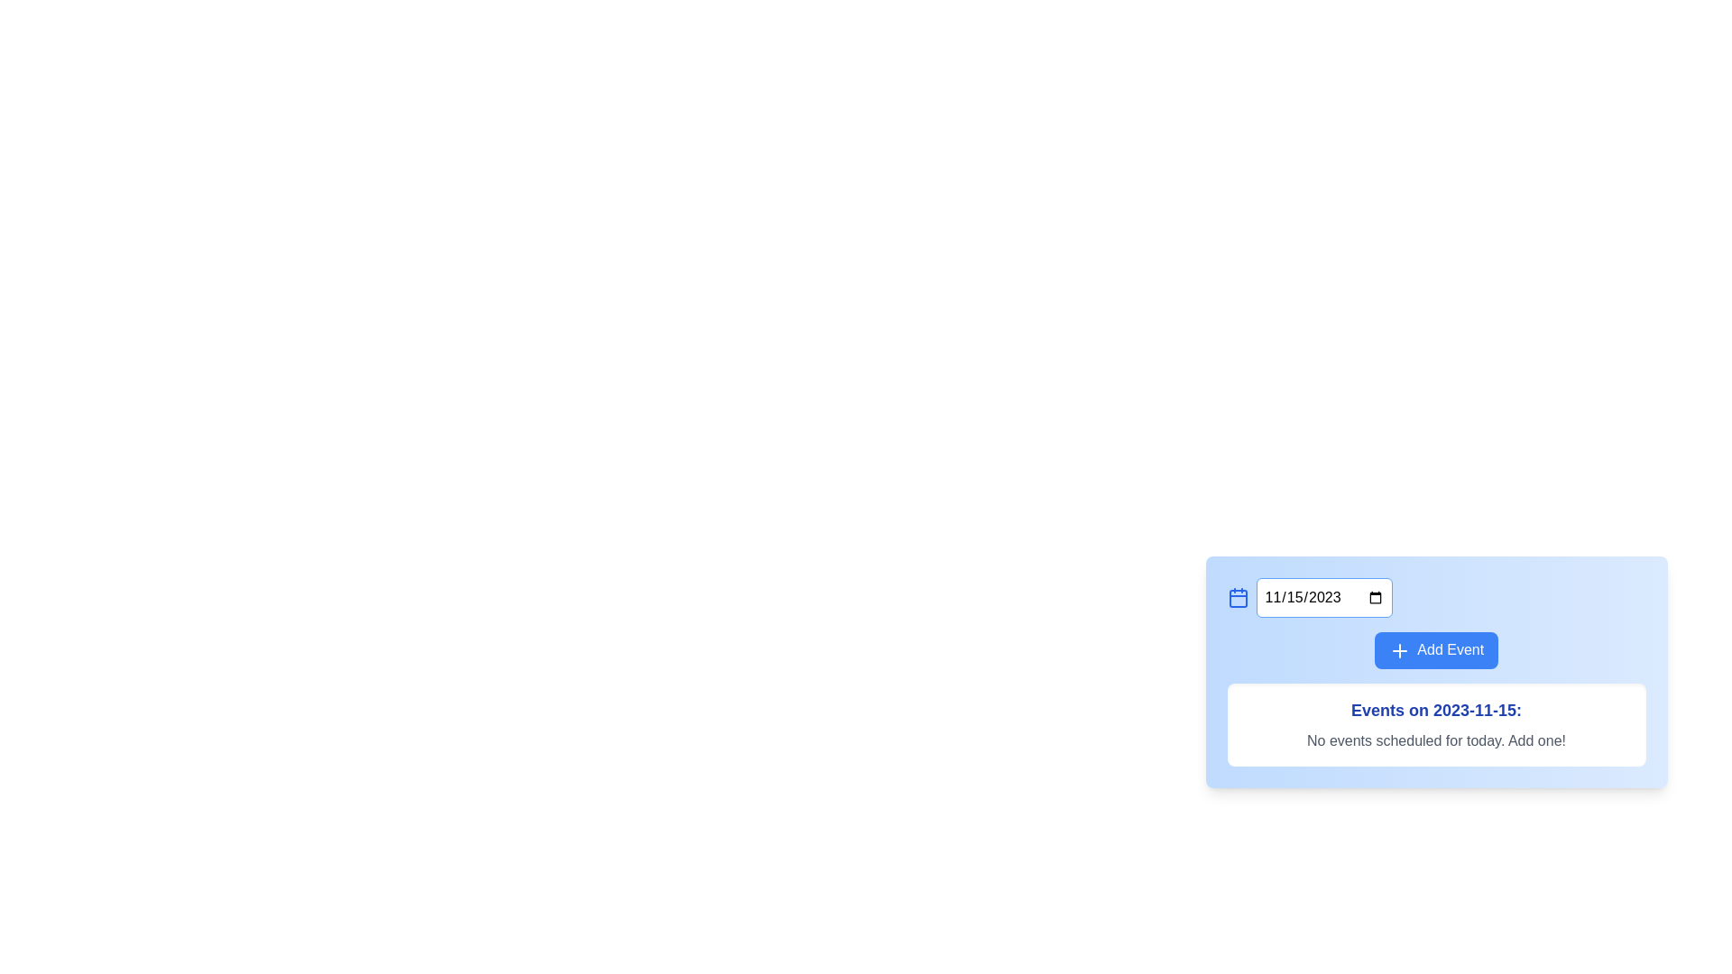 The height and width of the screenshot is (974, 1732). I want to click on the Text block within the informational pane titled 'Events on 2023-11-15', which displays the message 'No events scheduled for today. Add one!', so click(1435, 703).